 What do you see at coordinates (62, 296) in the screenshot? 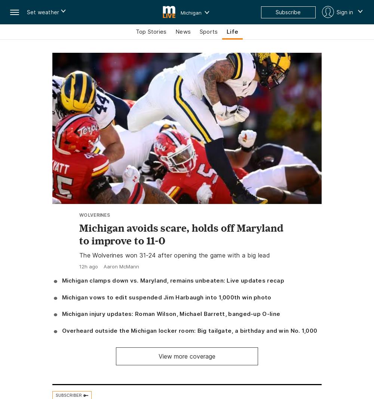
I see `'Michigan vows to edit suspended Jim Harbaugh into 1,000th win photo'` at bounding box center [62, 296].